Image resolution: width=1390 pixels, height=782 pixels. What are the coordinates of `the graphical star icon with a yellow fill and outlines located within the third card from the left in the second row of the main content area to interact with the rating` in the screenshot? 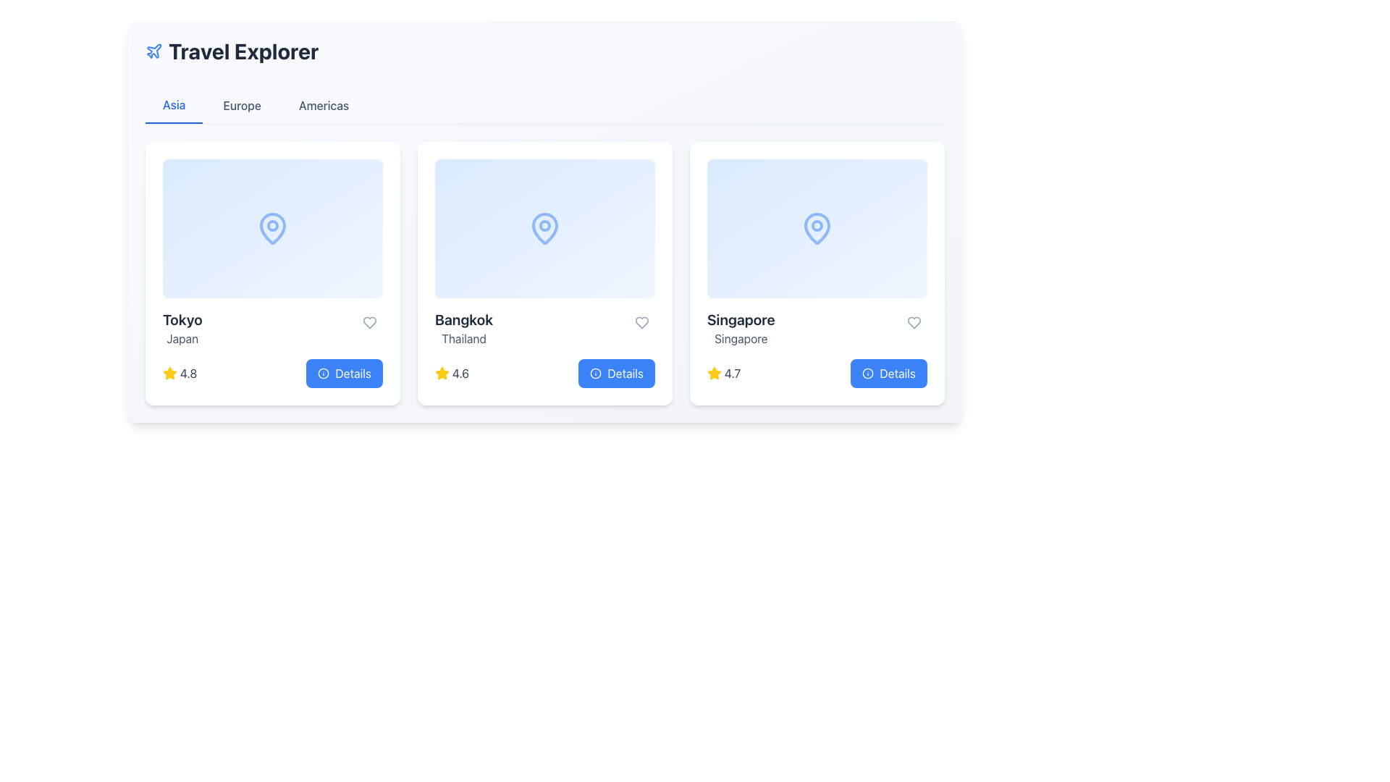 It's located at (170, 372).